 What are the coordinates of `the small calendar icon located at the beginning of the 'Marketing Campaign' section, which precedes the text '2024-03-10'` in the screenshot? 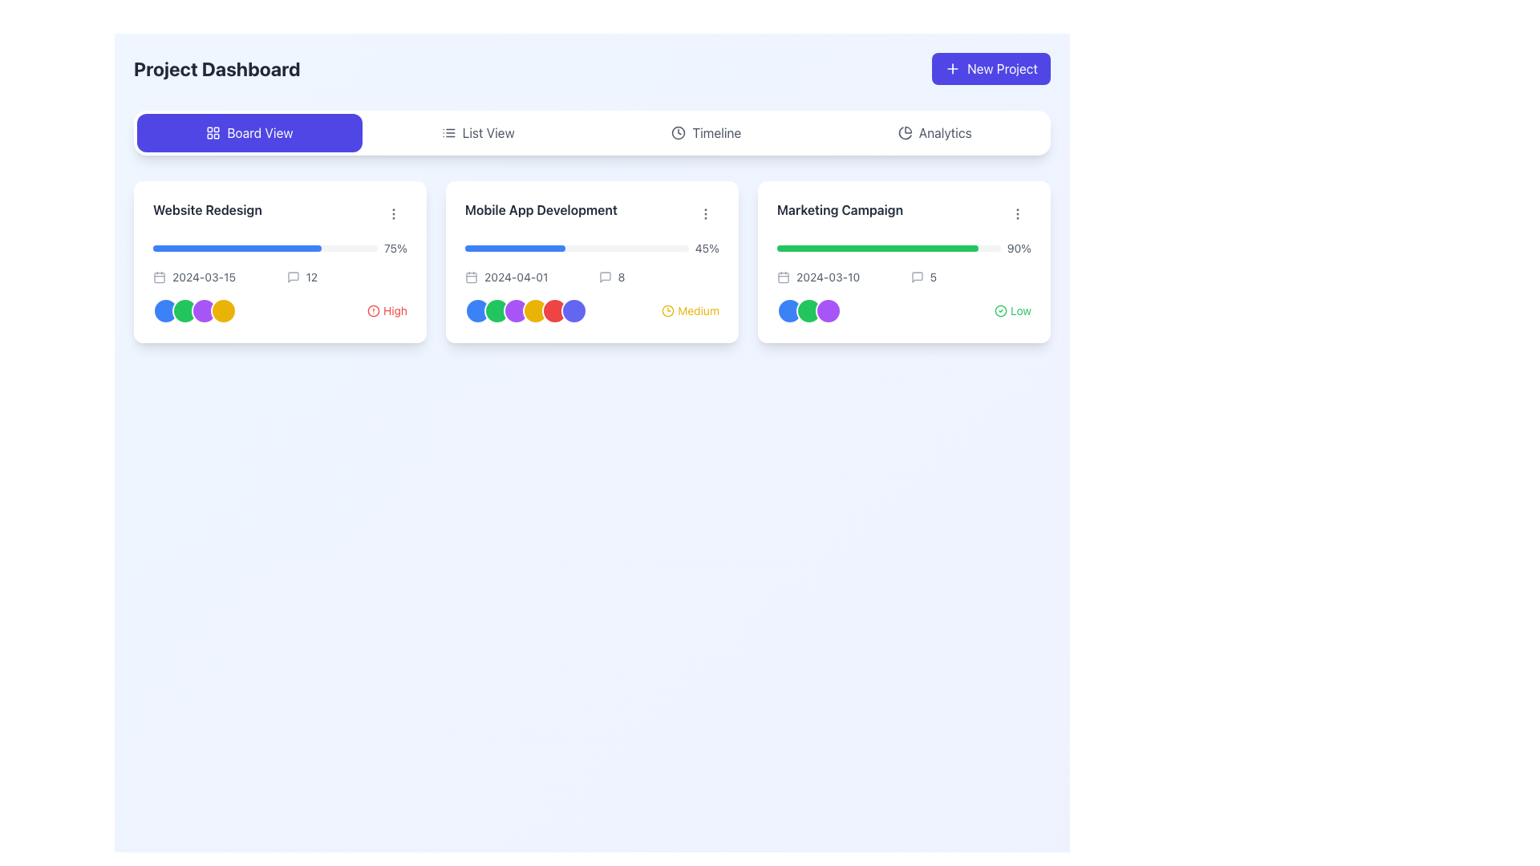 It's located at (784, 277).